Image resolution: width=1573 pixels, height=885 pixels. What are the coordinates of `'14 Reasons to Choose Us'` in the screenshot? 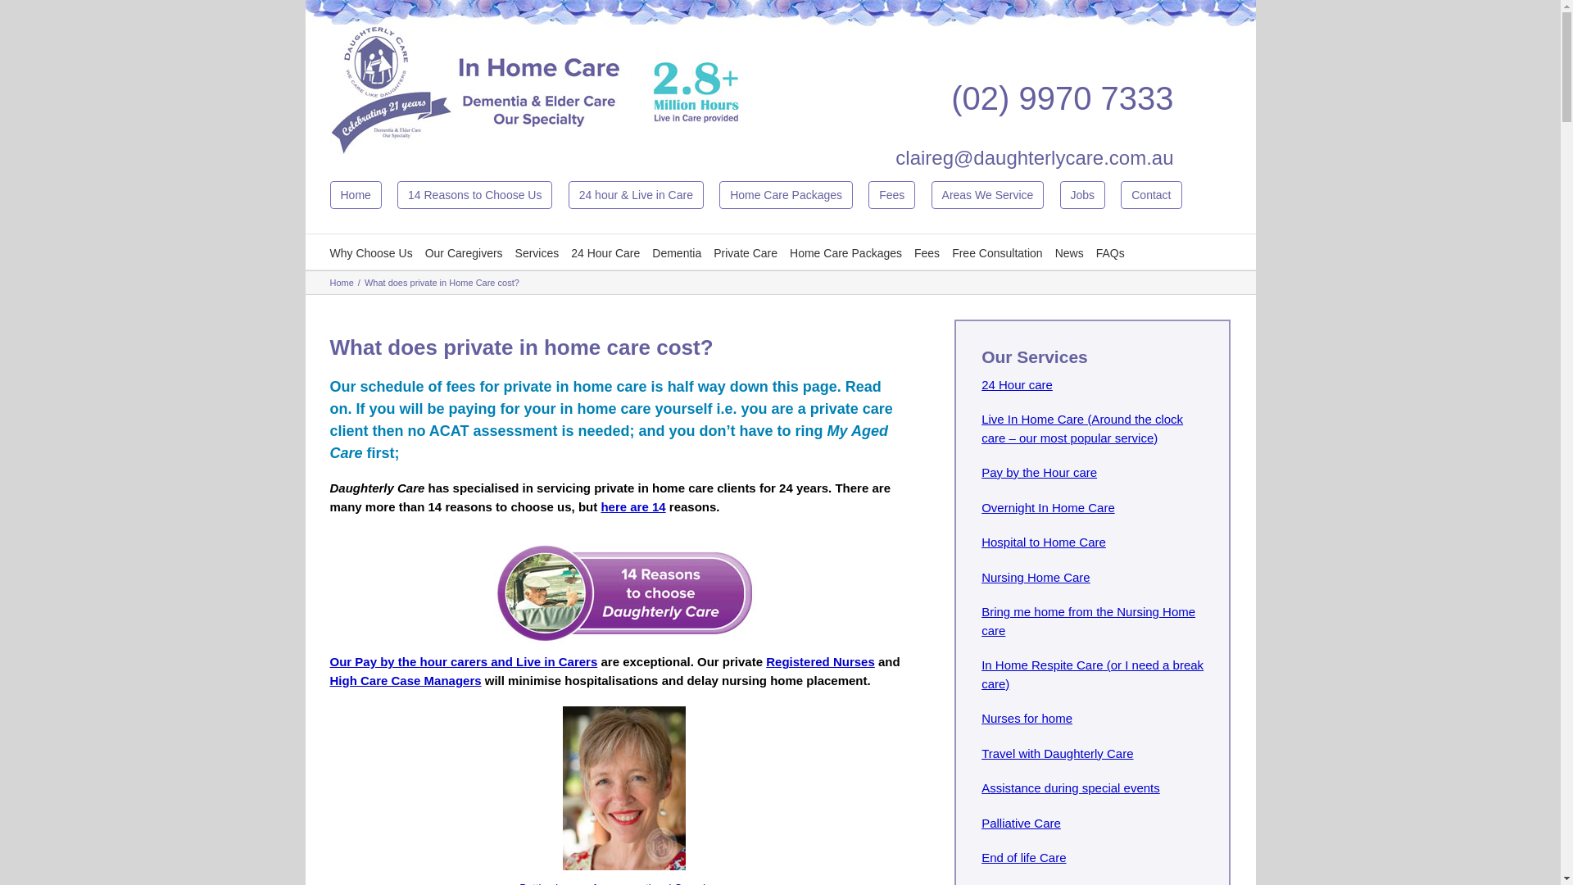 It's located at (474, 194).